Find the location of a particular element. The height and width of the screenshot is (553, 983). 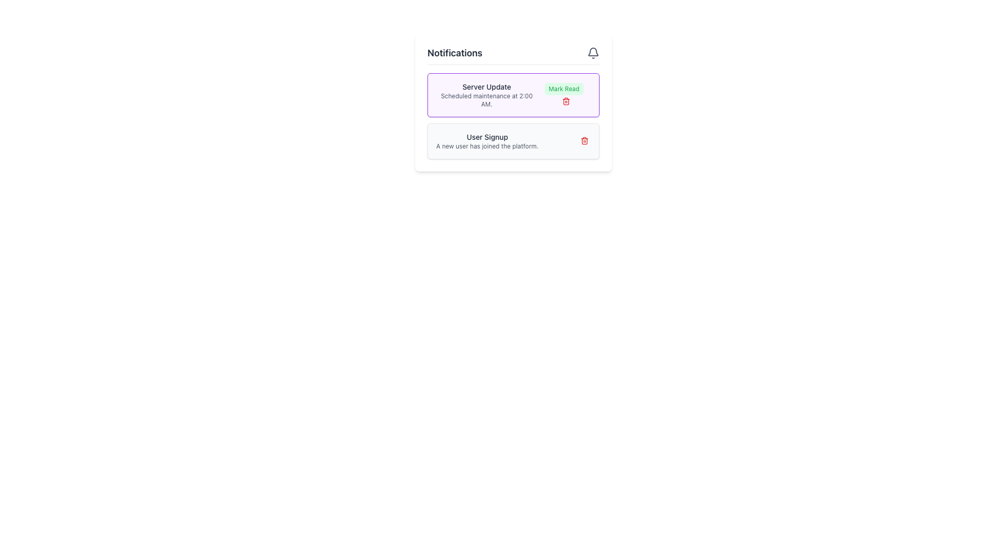

the static text block in the notifications section that informs users about the upcoming scheduled maintenance event is located at coordinates (486, 95).